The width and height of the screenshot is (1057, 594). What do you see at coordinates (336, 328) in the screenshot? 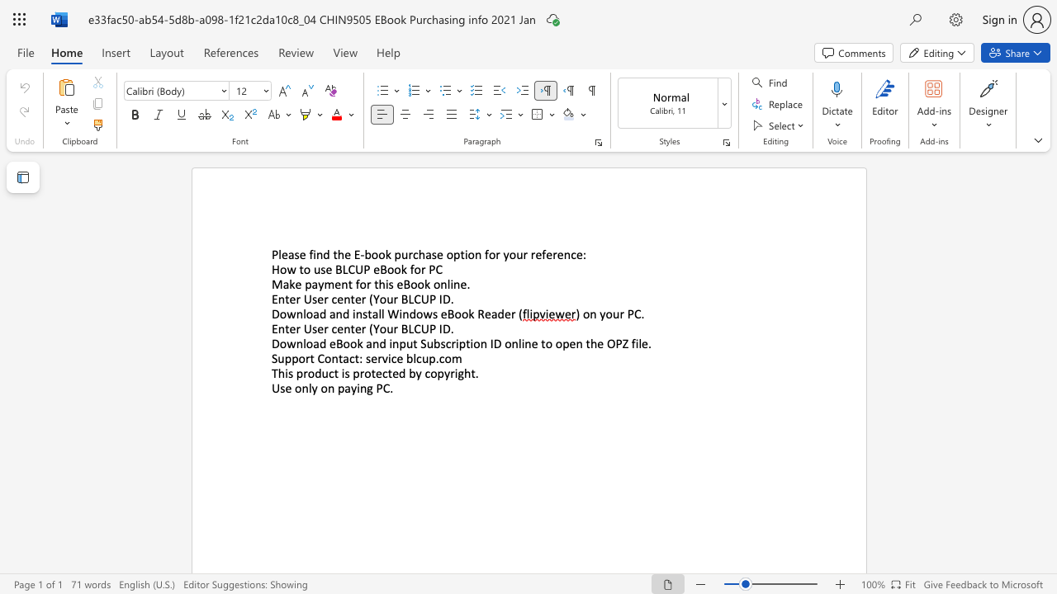
I see `the subset text "enter" within the text "Enter User center (Your BLCUP ID"` at bounding box center [336, 328].